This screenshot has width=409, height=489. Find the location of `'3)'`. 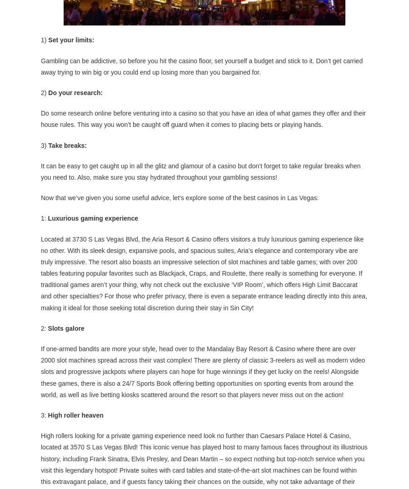

'3)' is located at coordinates (44, 144).